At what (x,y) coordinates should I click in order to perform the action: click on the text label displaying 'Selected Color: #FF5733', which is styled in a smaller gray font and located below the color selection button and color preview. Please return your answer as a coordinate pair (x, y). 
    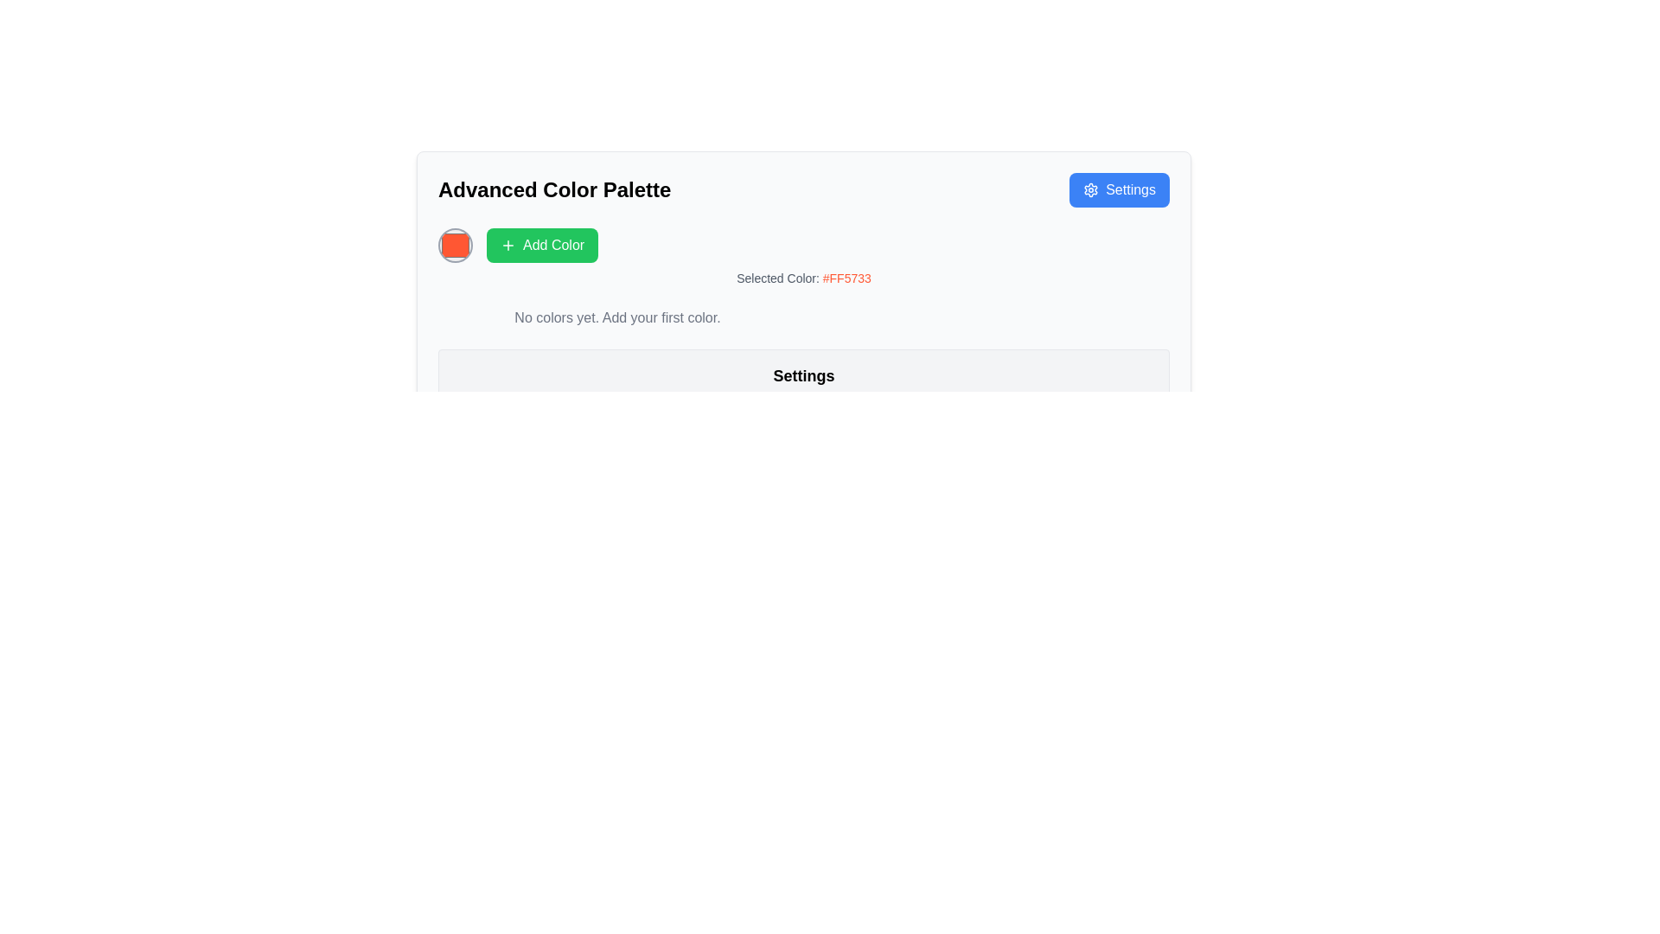
    Looking at the image, I should click on (803, 277).